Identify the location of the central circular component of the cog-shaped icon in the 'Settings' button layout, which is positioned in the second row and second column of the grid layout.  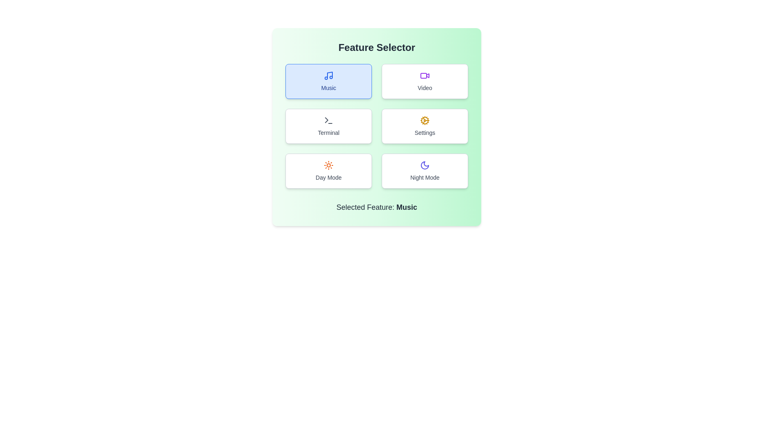
(424, 121).